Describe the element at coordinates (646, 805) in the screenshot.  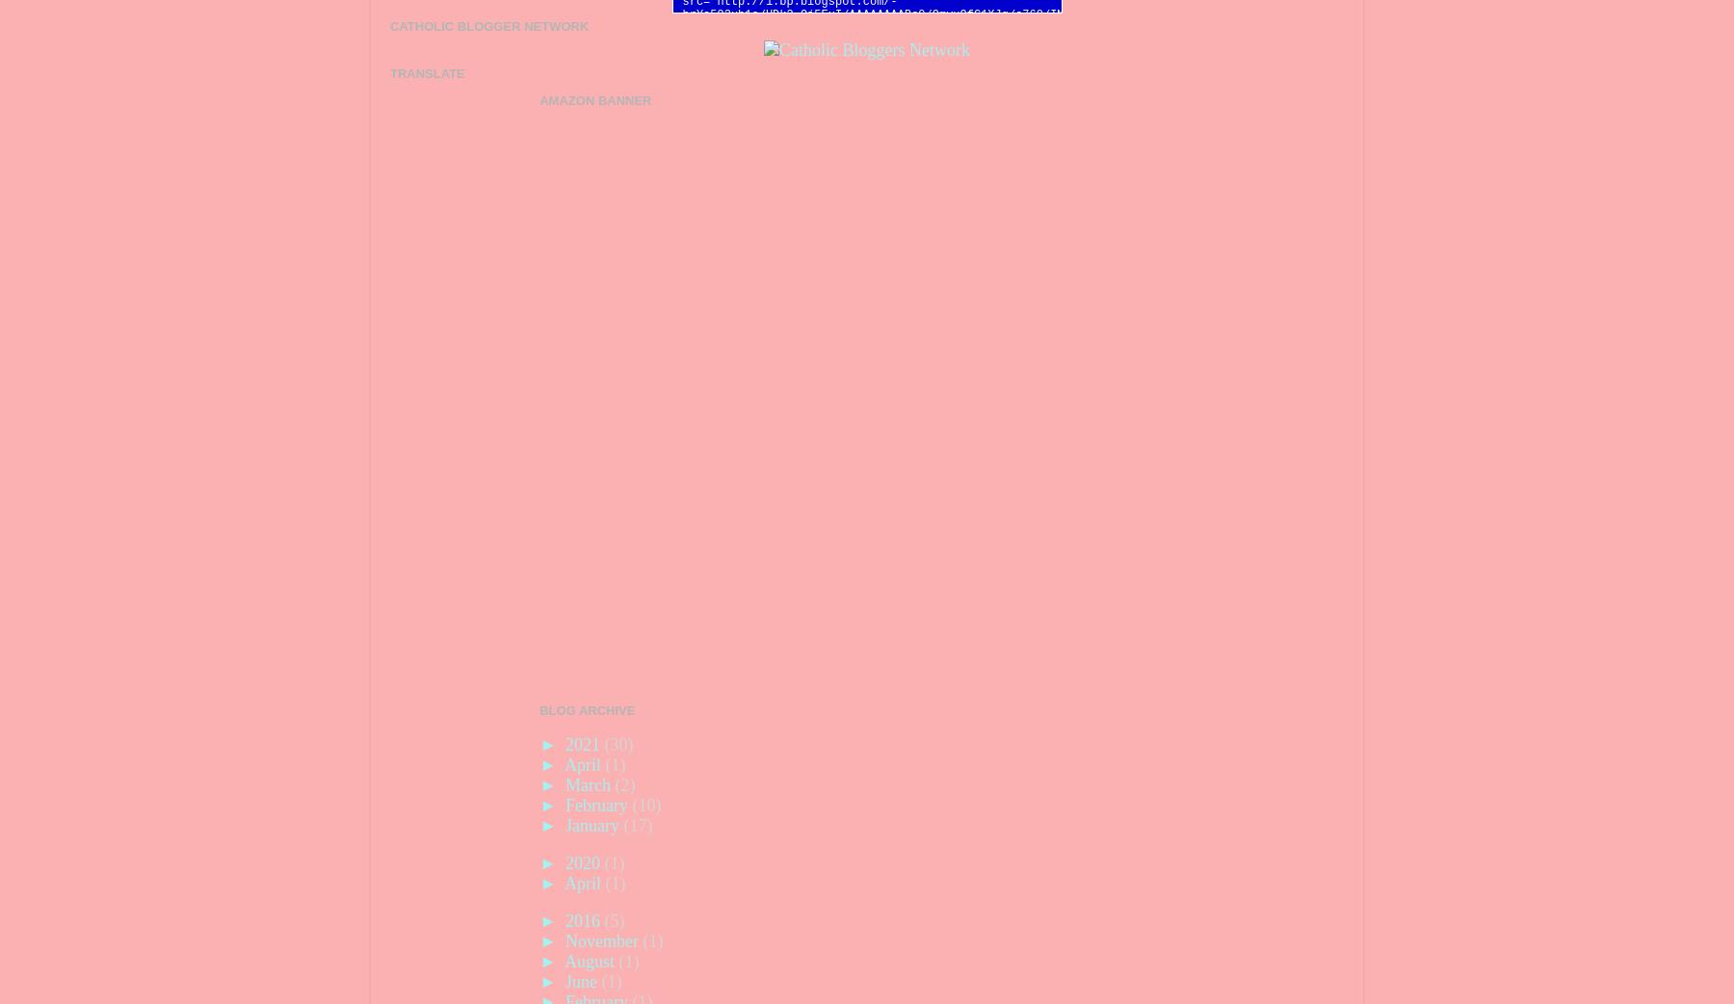
I see `'(10)'` at that location.